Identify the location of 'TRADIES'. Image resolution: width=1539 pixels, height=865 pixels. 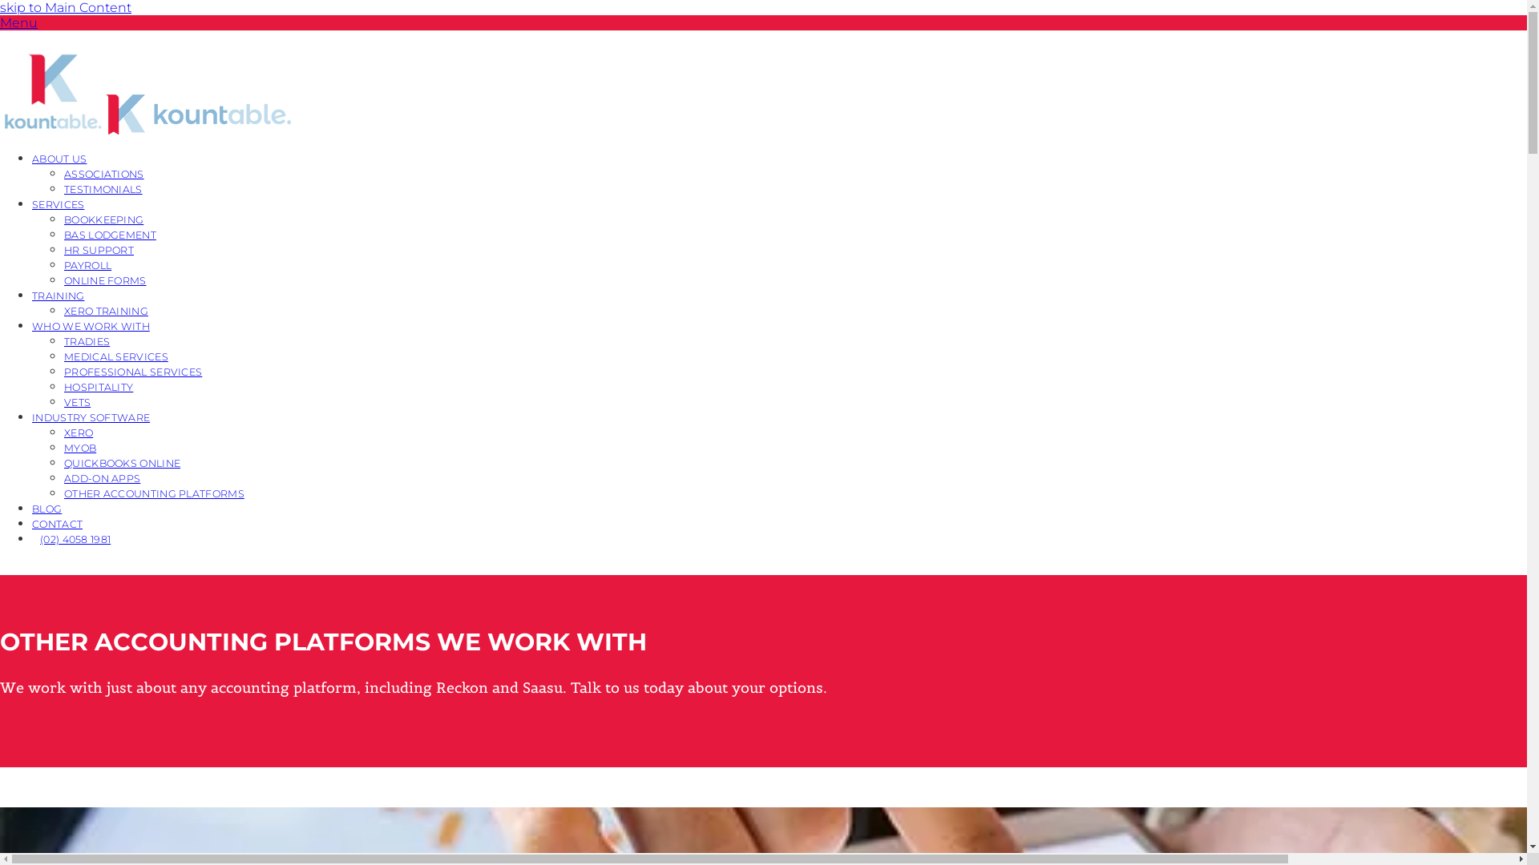
(64, 340).